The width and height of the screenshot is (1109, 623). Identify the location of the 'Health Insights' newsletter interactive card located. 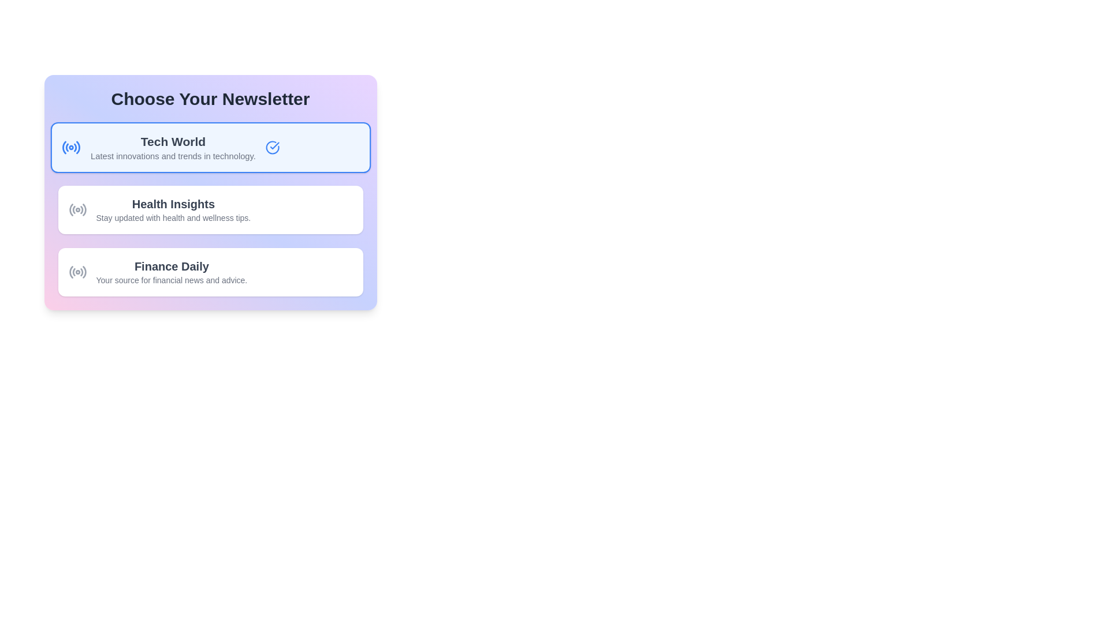
(210, 209).